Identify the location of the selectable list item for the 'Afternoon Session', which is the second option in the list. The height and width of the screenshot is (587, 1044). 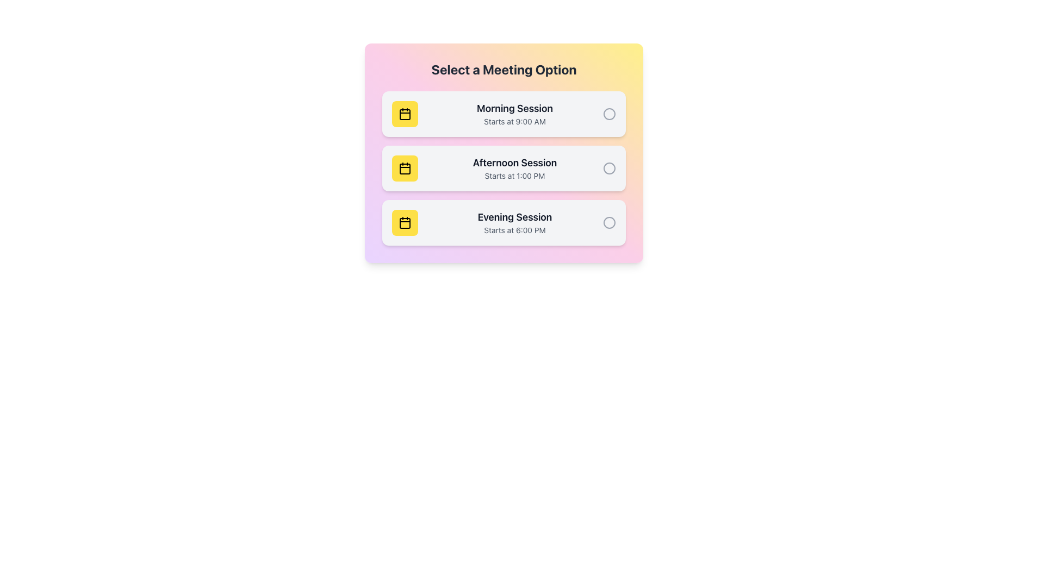
(503, 168).